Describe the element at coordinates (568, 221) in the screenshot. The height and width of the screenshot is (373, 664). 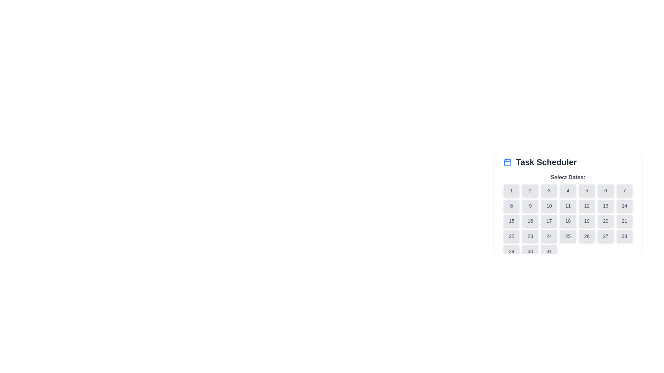
I see `the selectable date button representing '18' in the Task Scheduler application` at that location.